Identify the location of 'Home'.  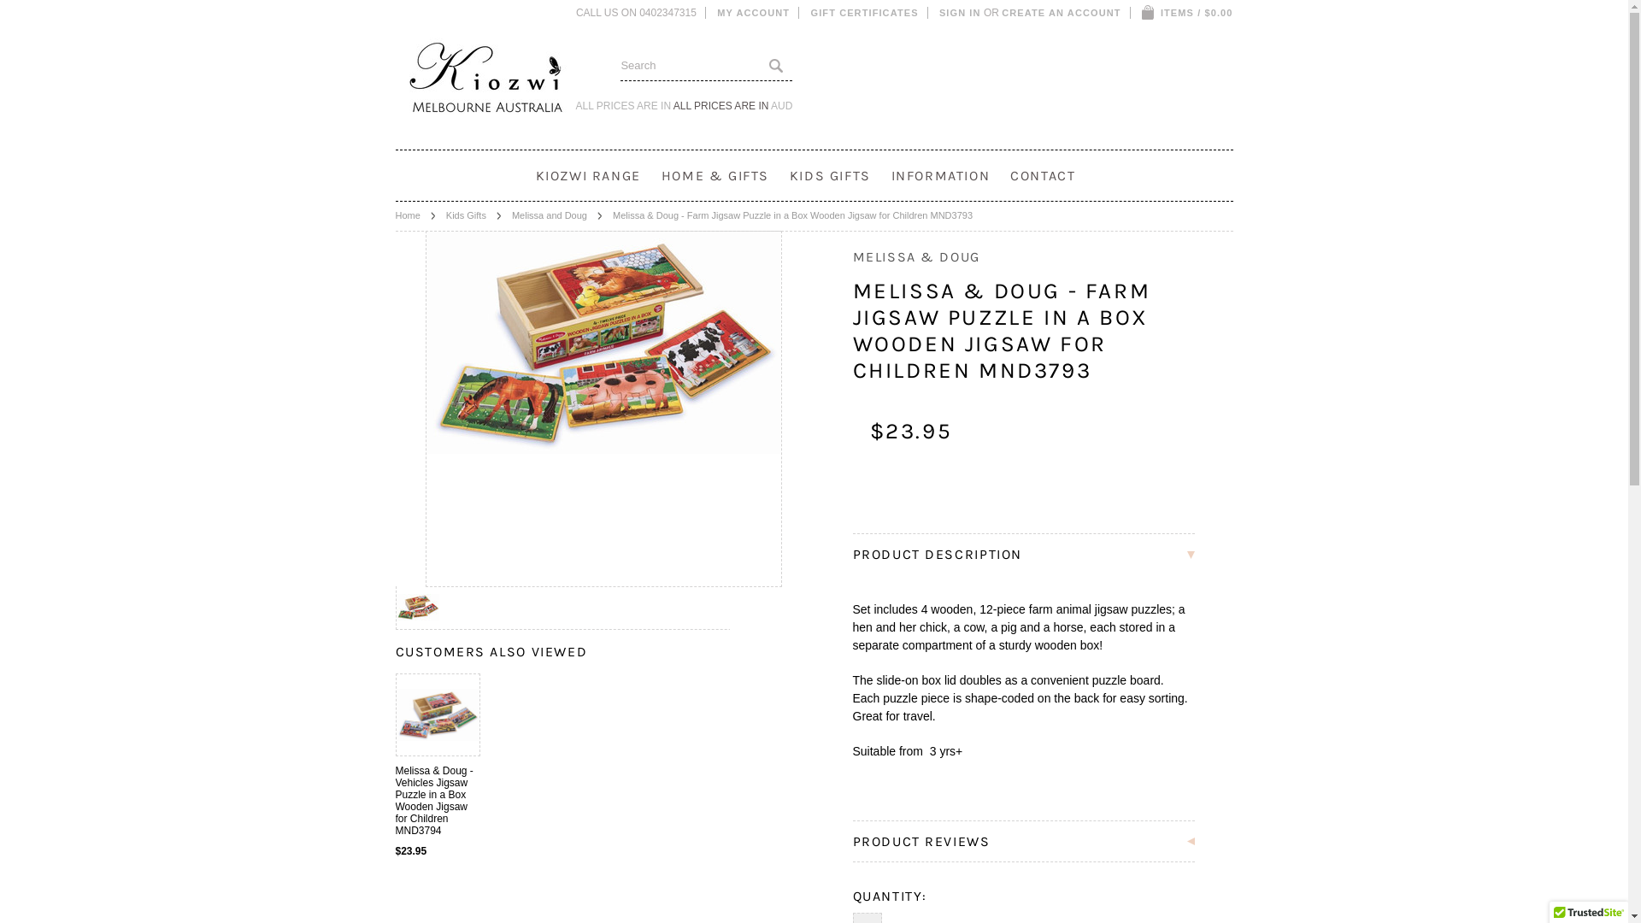
(415, 214).